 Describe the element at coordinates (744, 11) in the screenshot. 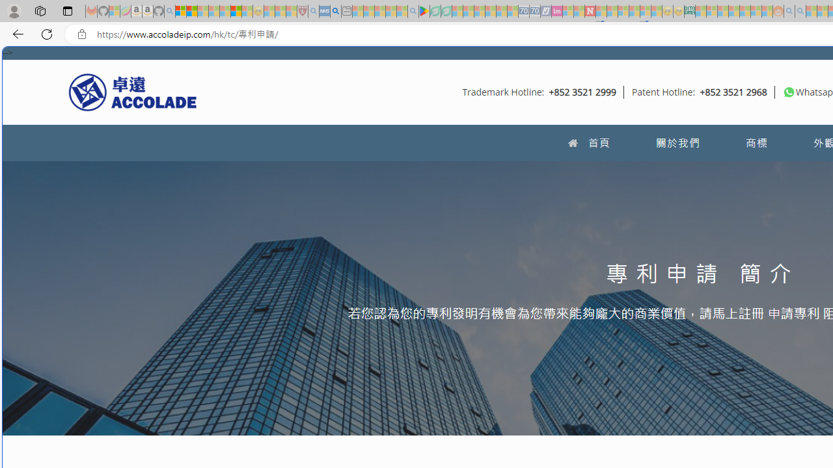

I see `'Kinda Frugal - MSN - Sleeping'` at that location.